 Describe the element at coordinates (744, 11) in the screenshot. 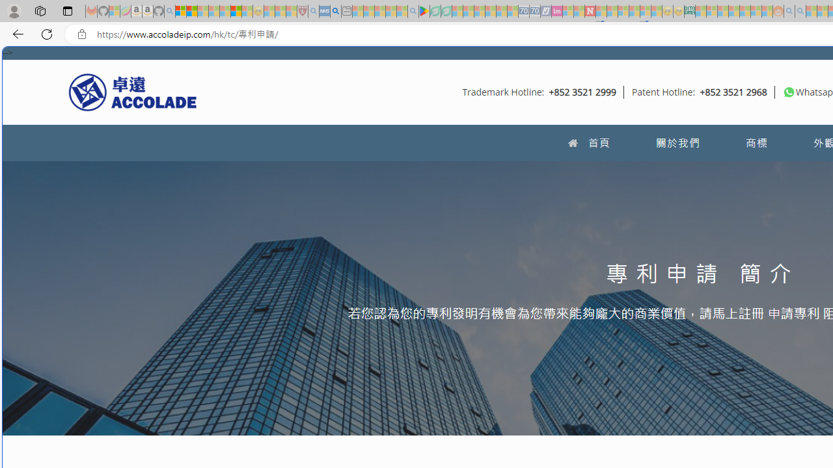

I see `'Kinda Frugal - MSN - Sleeping'` at that location.